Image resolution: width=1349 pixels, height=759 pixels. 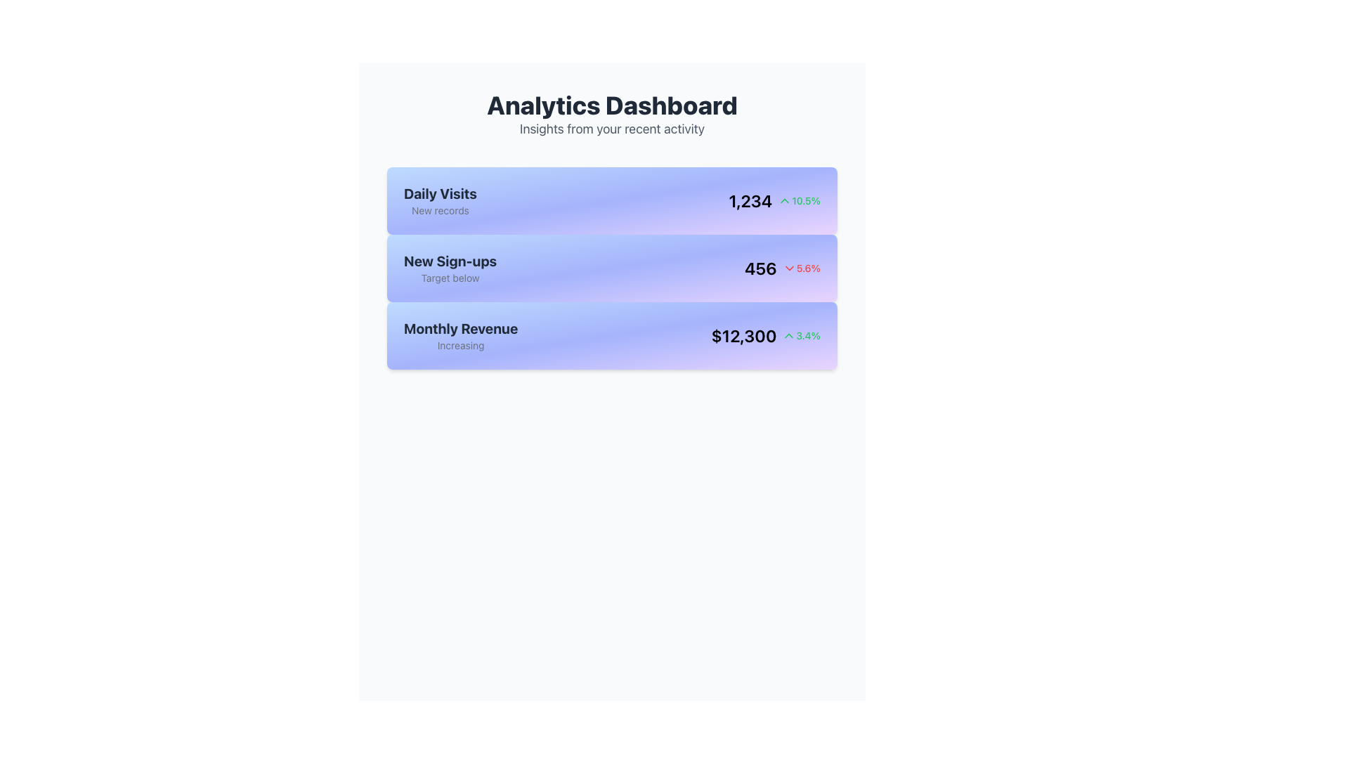 What do you see at coordinates (808, 336) in the screenshot?
I see `the green Label or Static Text that indicates a 3.4% increase, located at the bottom of the vertically stacked list in the 'Monthly Revenue' section` at bounding box center [808, 336].